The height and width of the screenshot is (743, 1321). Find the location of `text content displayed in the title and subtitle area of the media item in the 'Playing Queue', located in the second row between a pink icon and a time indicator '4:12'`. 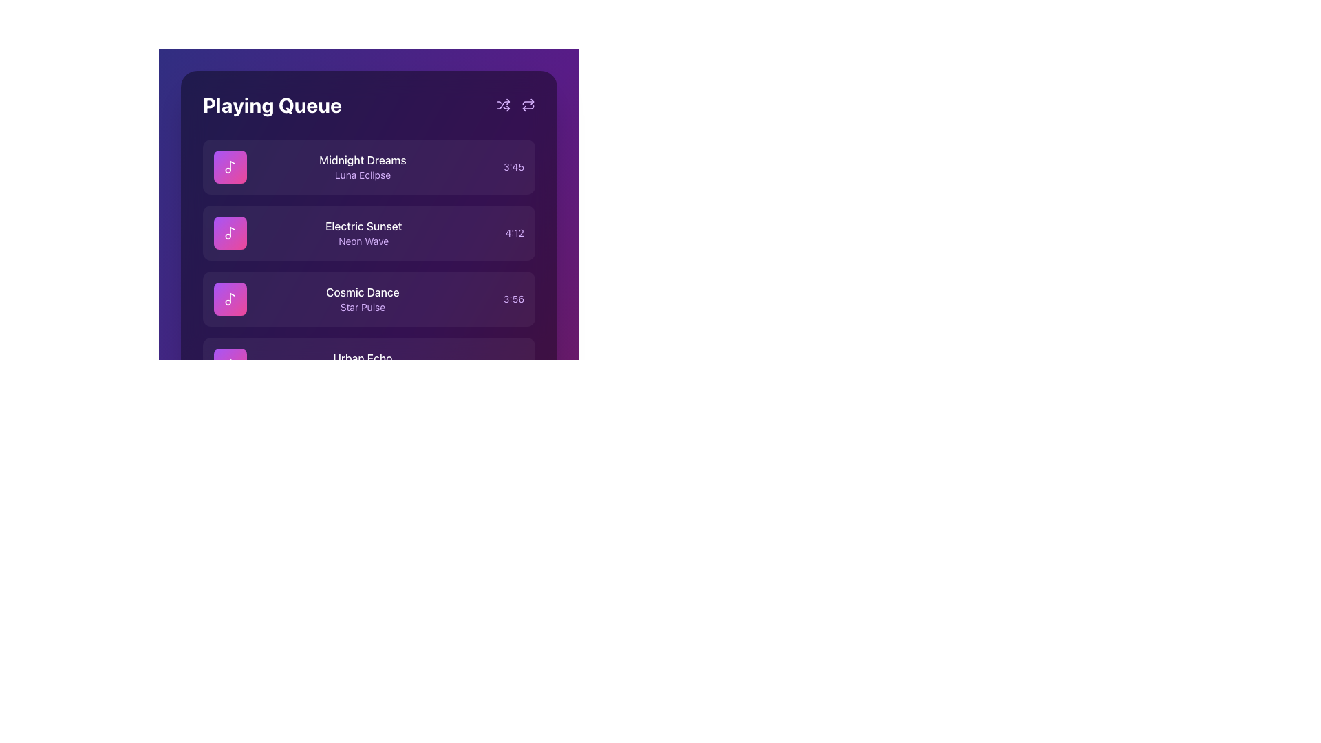

text content displayed in the title and subtitle area of the media item in the 'Playing Queue', located in the second row between a pink icon and a time indicator '4:12' is located at coordinates (363, 233).